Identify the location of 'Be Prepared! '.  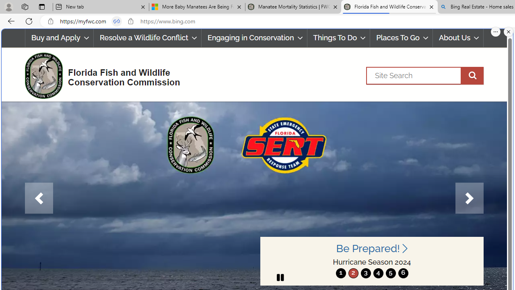
(371, 248).